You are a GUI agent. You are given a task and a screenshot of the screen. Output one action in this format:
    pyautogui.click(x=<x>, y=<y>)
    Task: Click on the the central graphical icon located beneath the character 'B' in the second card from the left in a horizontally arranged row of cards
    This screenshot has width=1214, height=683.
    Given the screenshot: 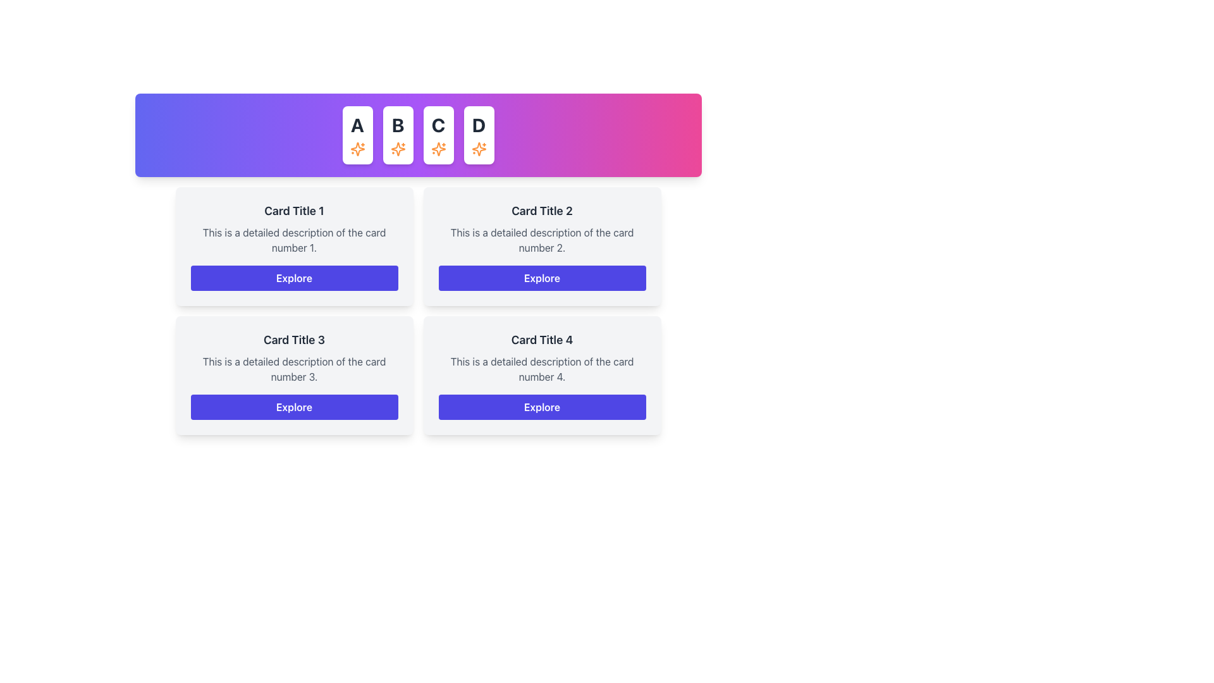 What is the action you would take?
    pyautogui.click(x=397, y=148)
    